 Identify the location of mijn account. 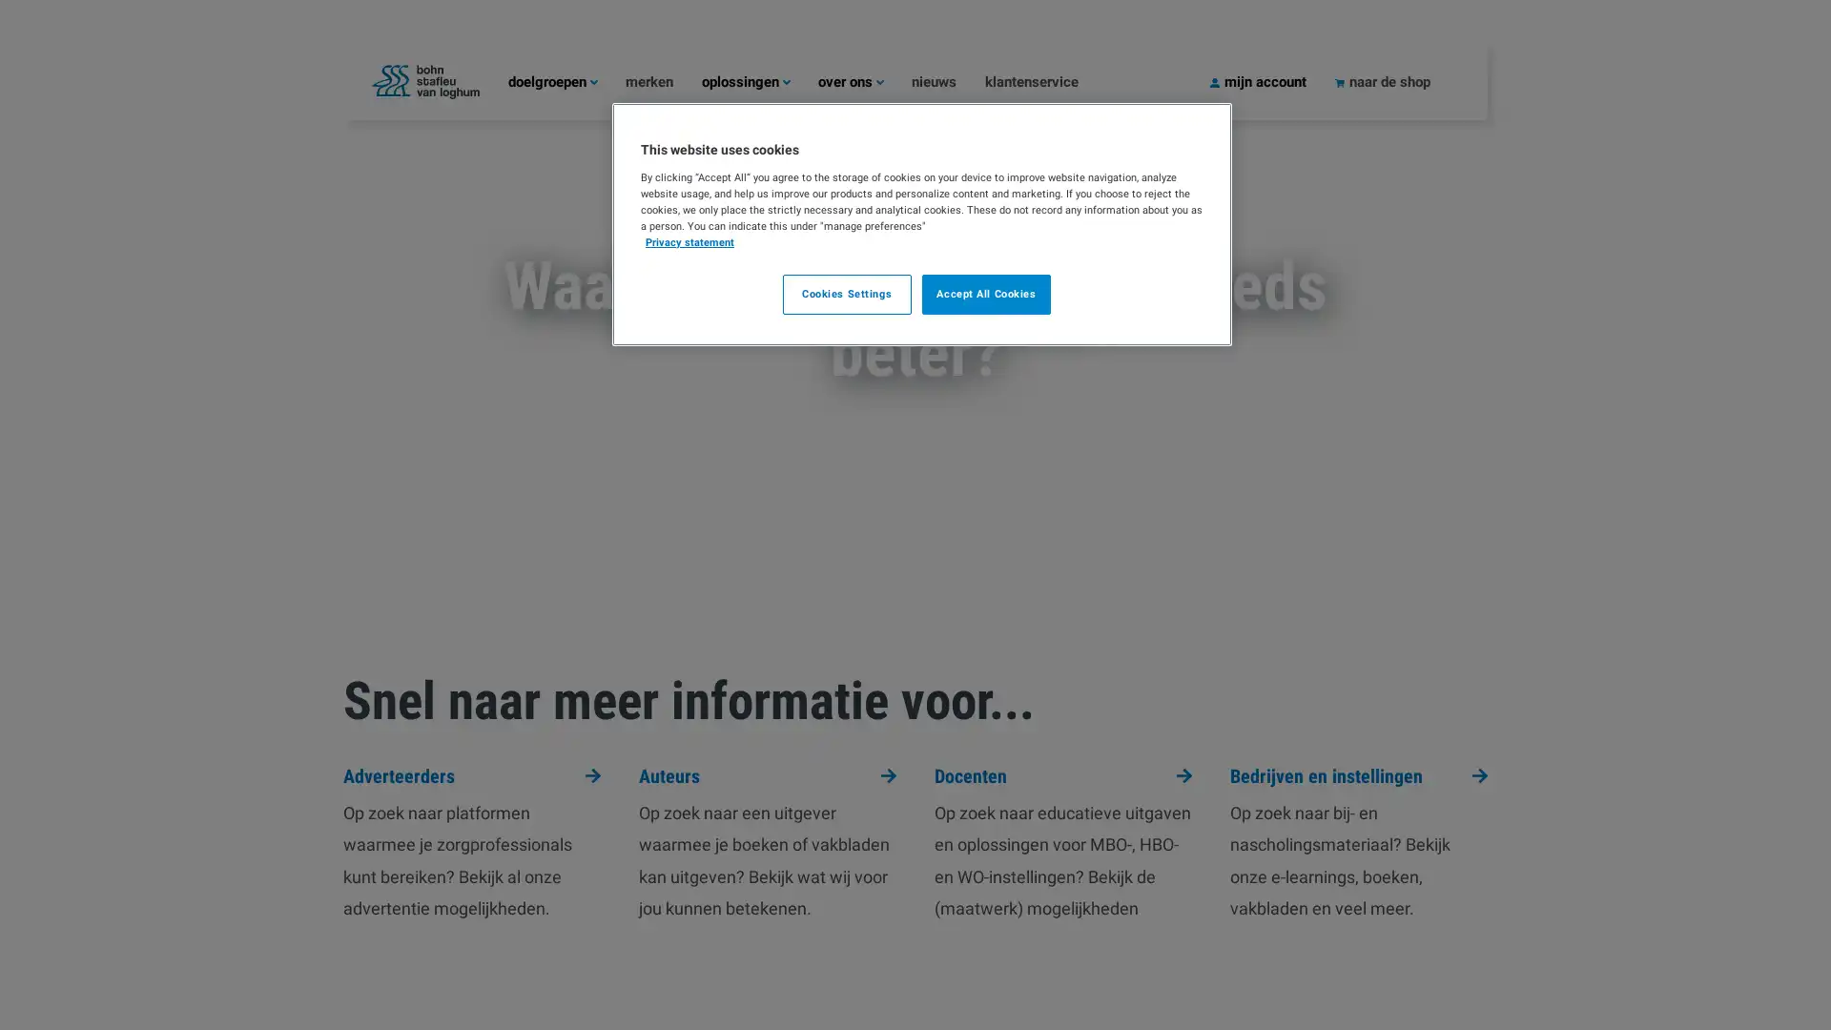
(1272, 80).